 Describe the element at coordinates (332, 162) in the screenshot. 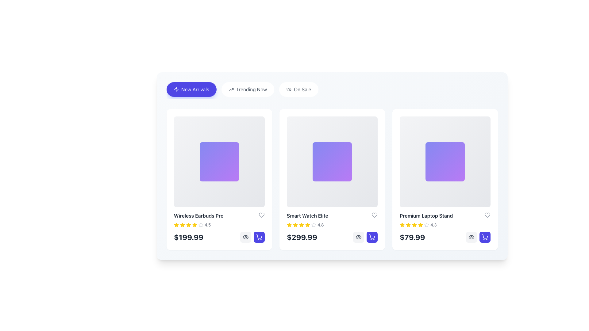

I see `the decorative visual or placeholder graphic located at the center of the 'Smart Watch Elite' product card, which is a square-shaped visual with a gradient background transitioning from indigo to purple` at that location.